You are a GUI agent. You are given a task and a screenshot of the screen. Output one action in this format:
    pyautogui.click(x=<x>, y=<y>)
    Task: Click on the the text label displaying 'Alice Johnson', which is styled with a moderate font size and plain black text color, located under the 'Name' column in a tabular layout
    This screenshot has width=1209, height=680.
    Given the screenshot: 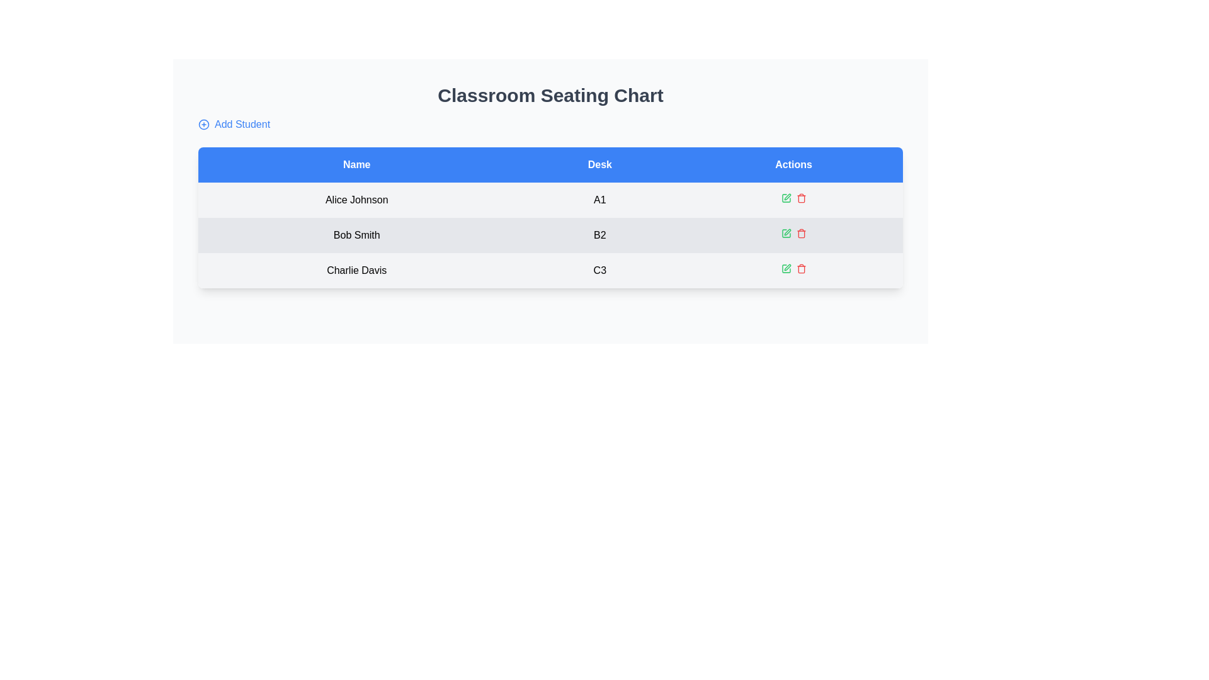 What is the action you would take?
    pyautogui.click(x=356, y=199)
    